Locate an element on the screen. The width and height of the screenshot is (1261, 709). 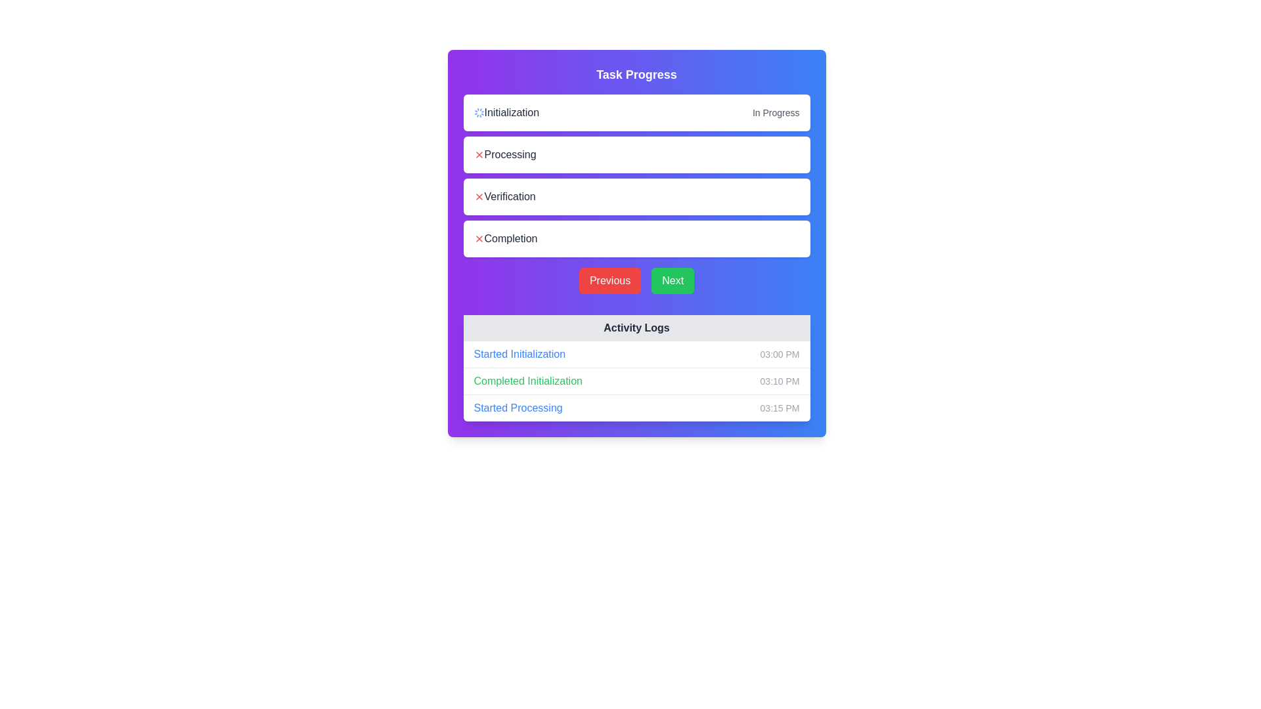
the Loading spinner icon located next to the 'Initialization' label in the 'Task Progress' section to indicate ongoing activity is located at coordinates (478, 112).